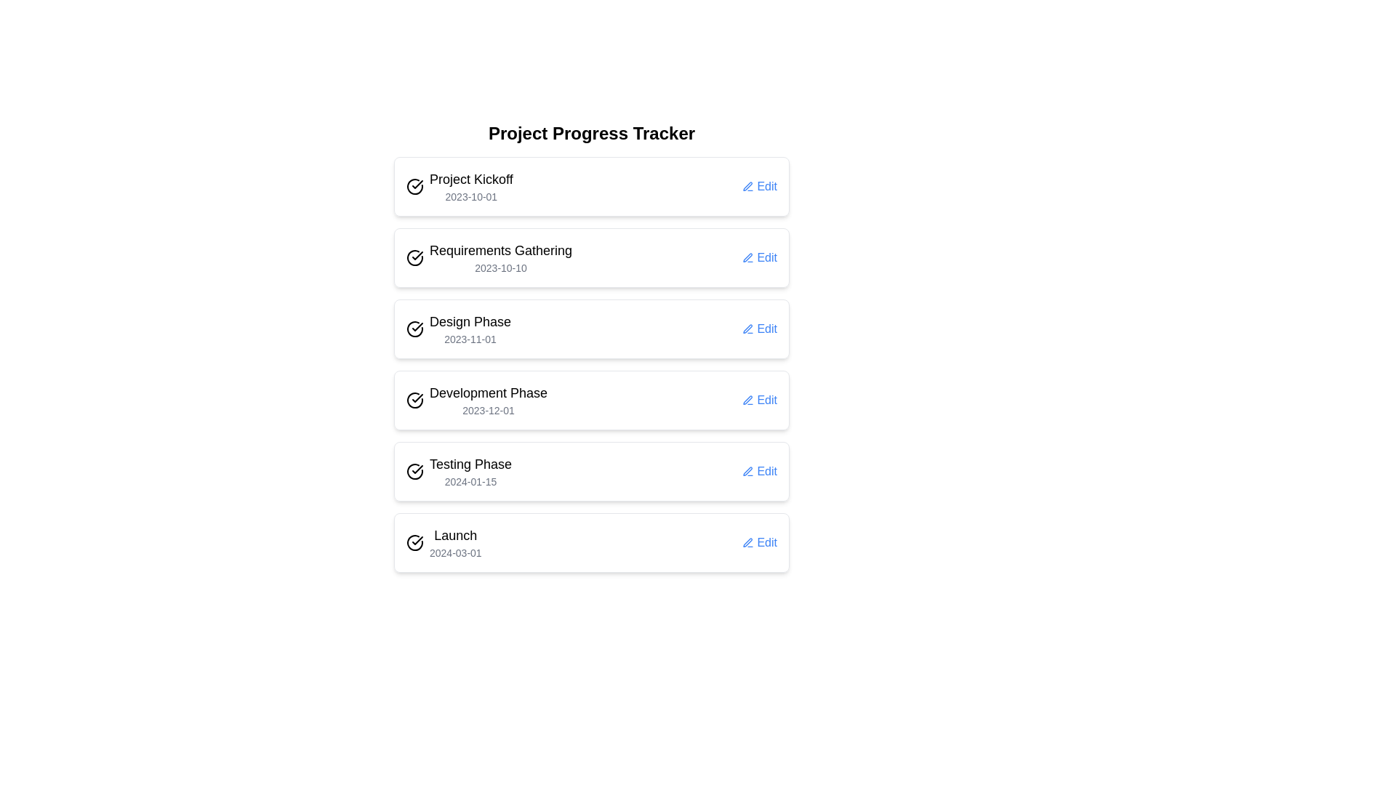 The width and height of the screenshot is (1396, 785). Describe the element at coordinates (414, 400) in the screenshot. I see `the completion status icon for the 'Development Phase' located to the left of the text in the fourth row of the 'Project Progress Tracker' section` at that location.